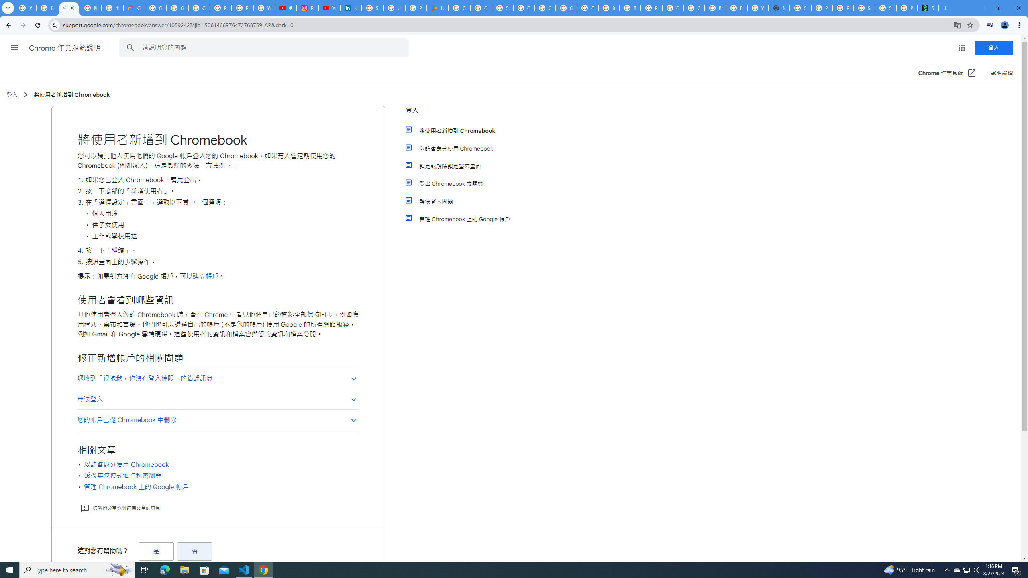  What do you see at coordinates (736, 8) in the screenshot?
I see `'Browse Chrome as a guest - Computer - Google Chrome Help'` at bounding box center [736, 8].